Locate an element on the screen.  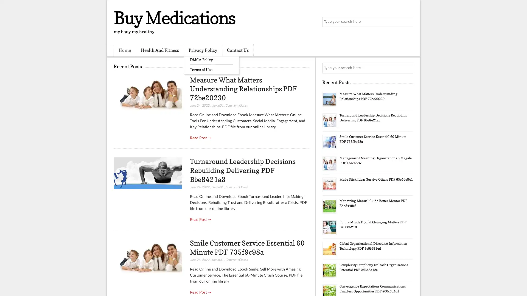
Search is located at coordinates (408, 22).